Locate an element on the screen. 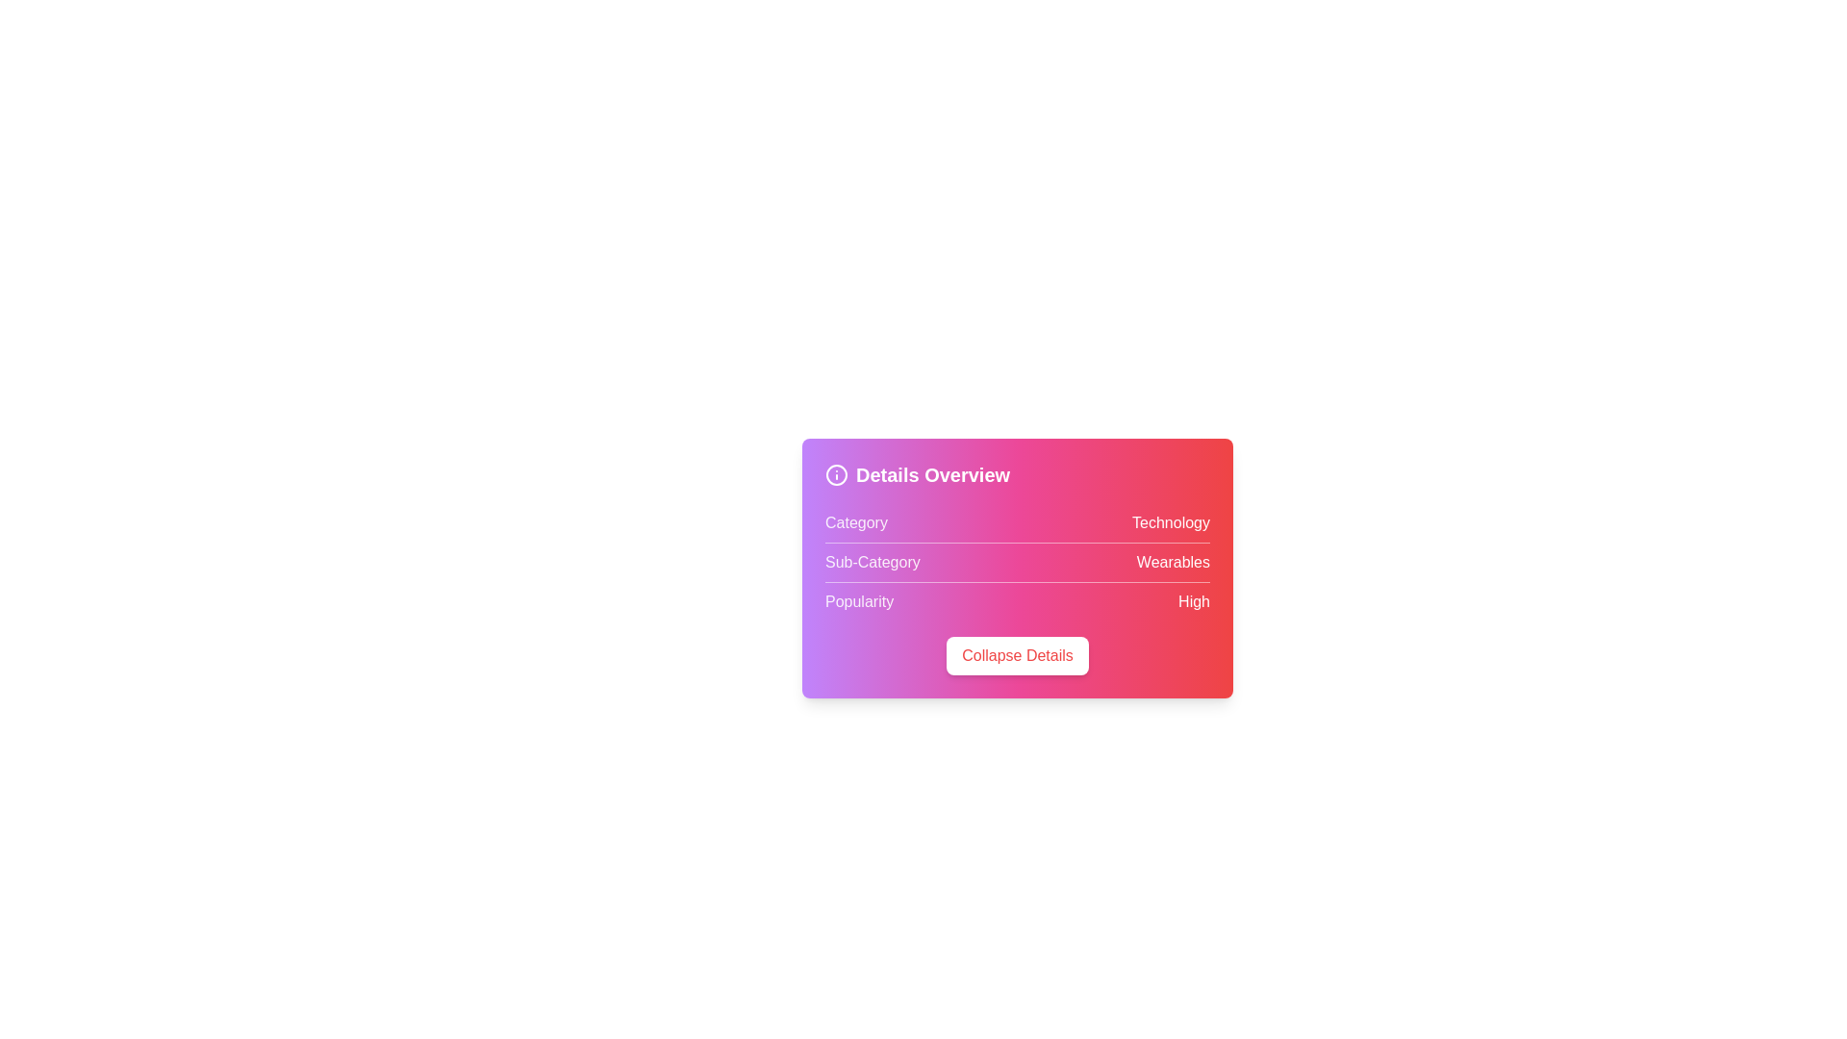 Image resolution: width=1847 pixels, height=1039 pixels. the outermost SVG Circle located in the top-left corner of the 'Details Overview' card interface is located at coordinates (836, 474).